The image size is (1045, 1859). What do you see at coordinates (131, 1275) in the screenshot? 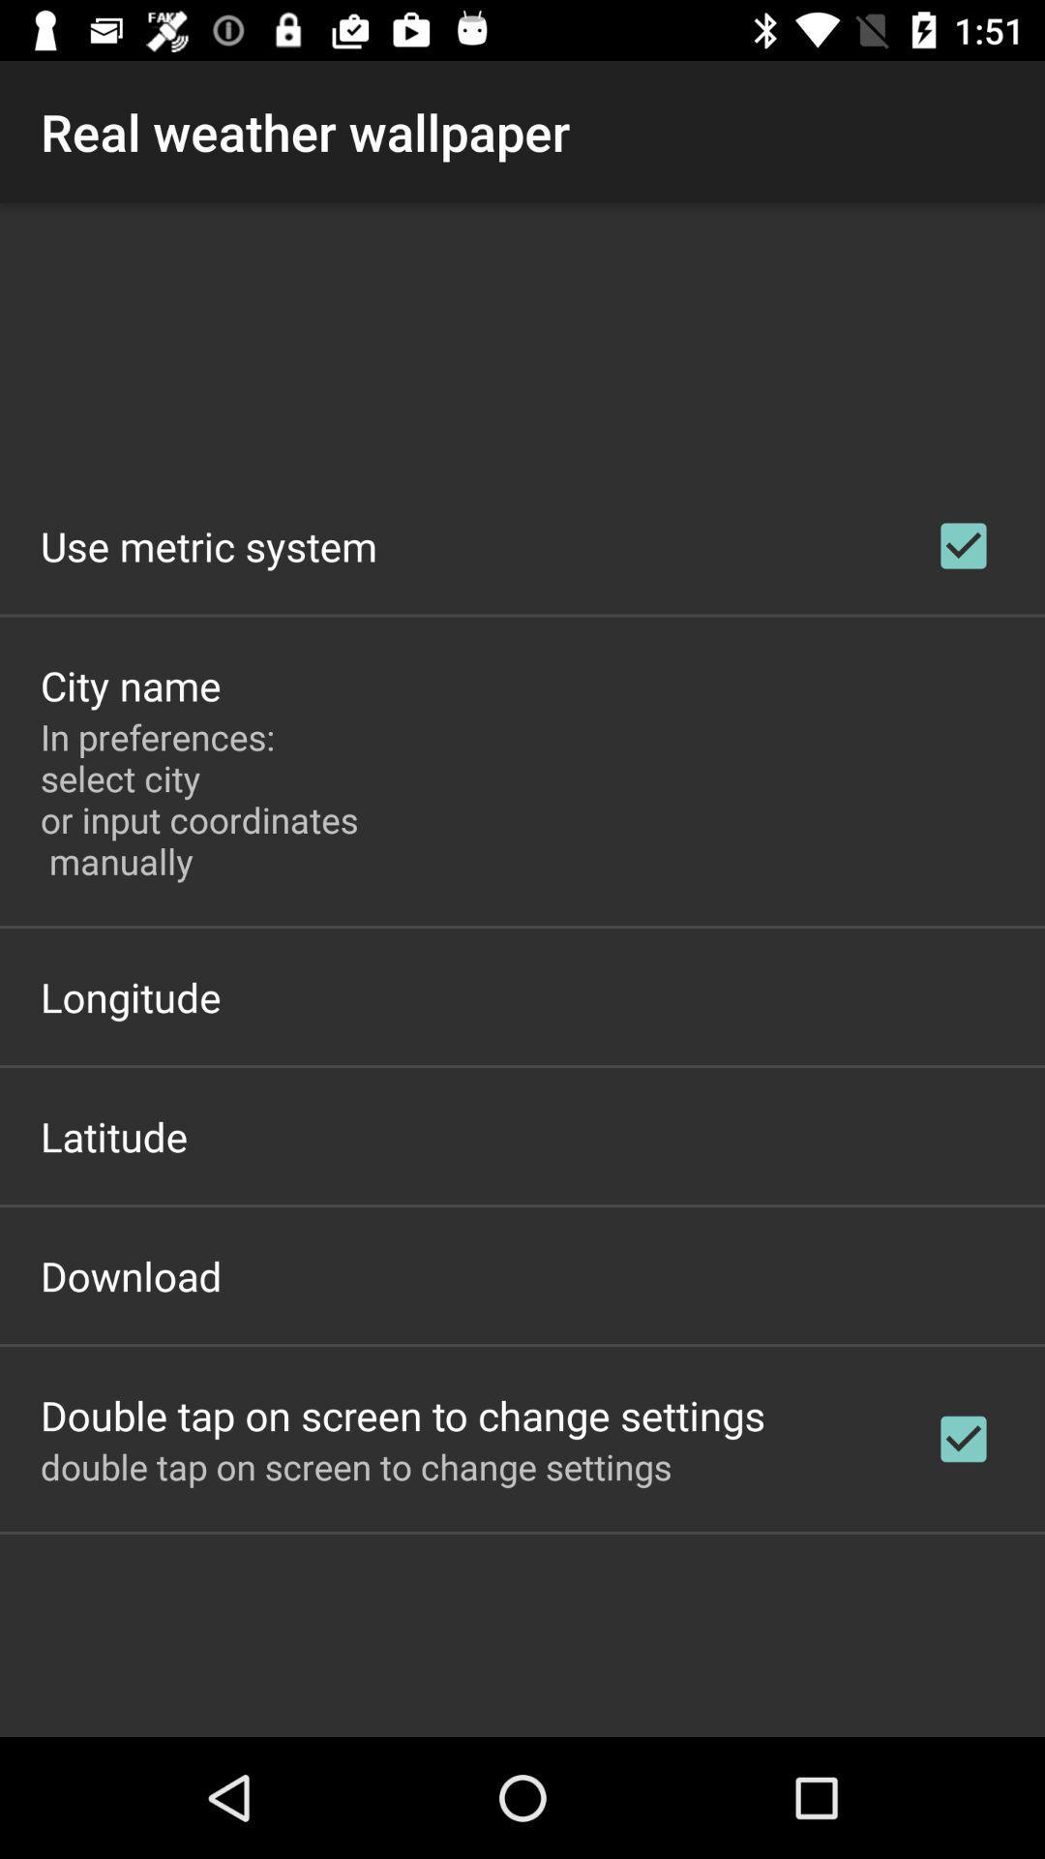
I see `download at the bottom left corner` at bounding box center [131, 1275].